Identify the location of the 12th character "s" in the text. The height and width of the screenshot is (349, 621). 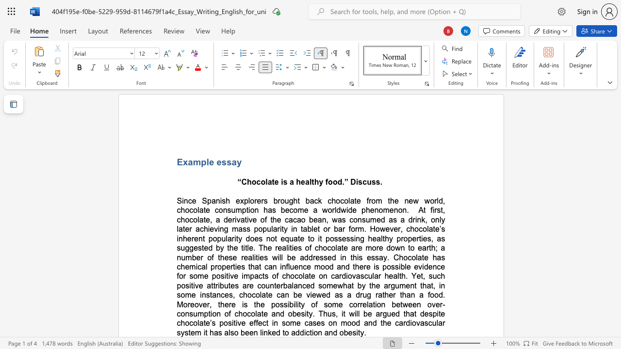
(430, 314).